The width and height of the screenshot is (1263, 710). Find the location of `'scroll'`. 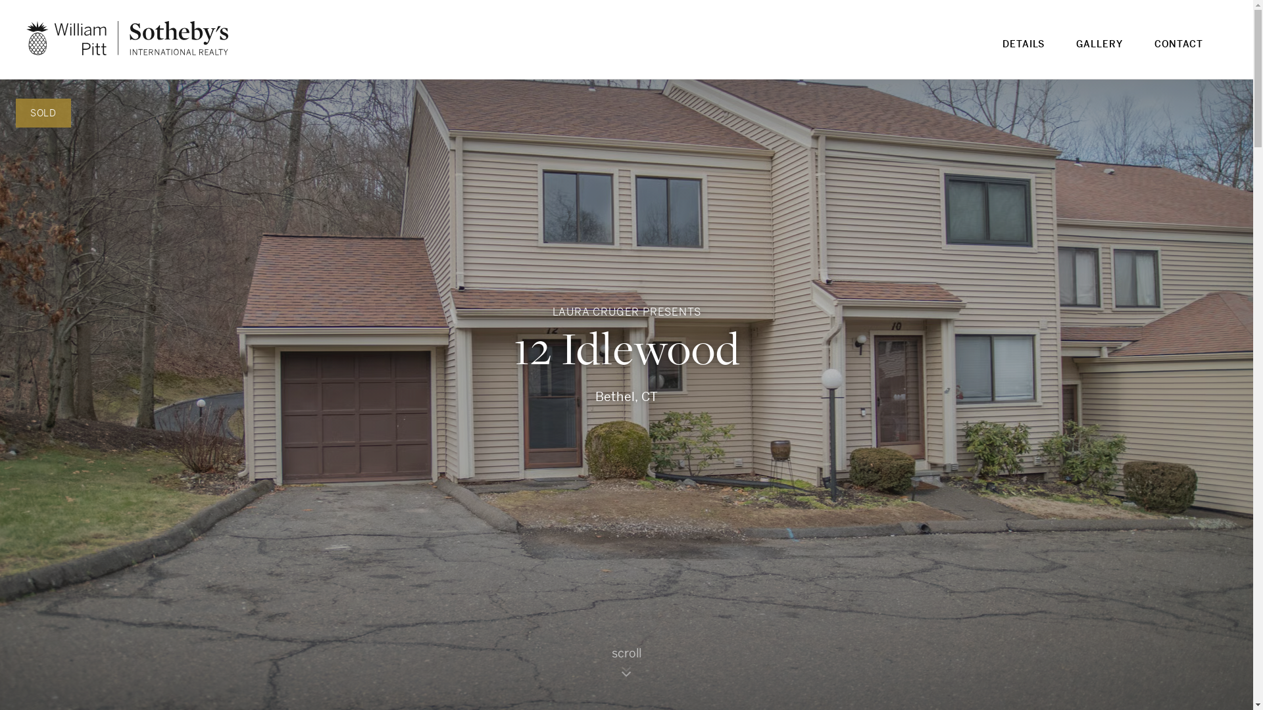

'scroll' is located at coordinates (626, 667).